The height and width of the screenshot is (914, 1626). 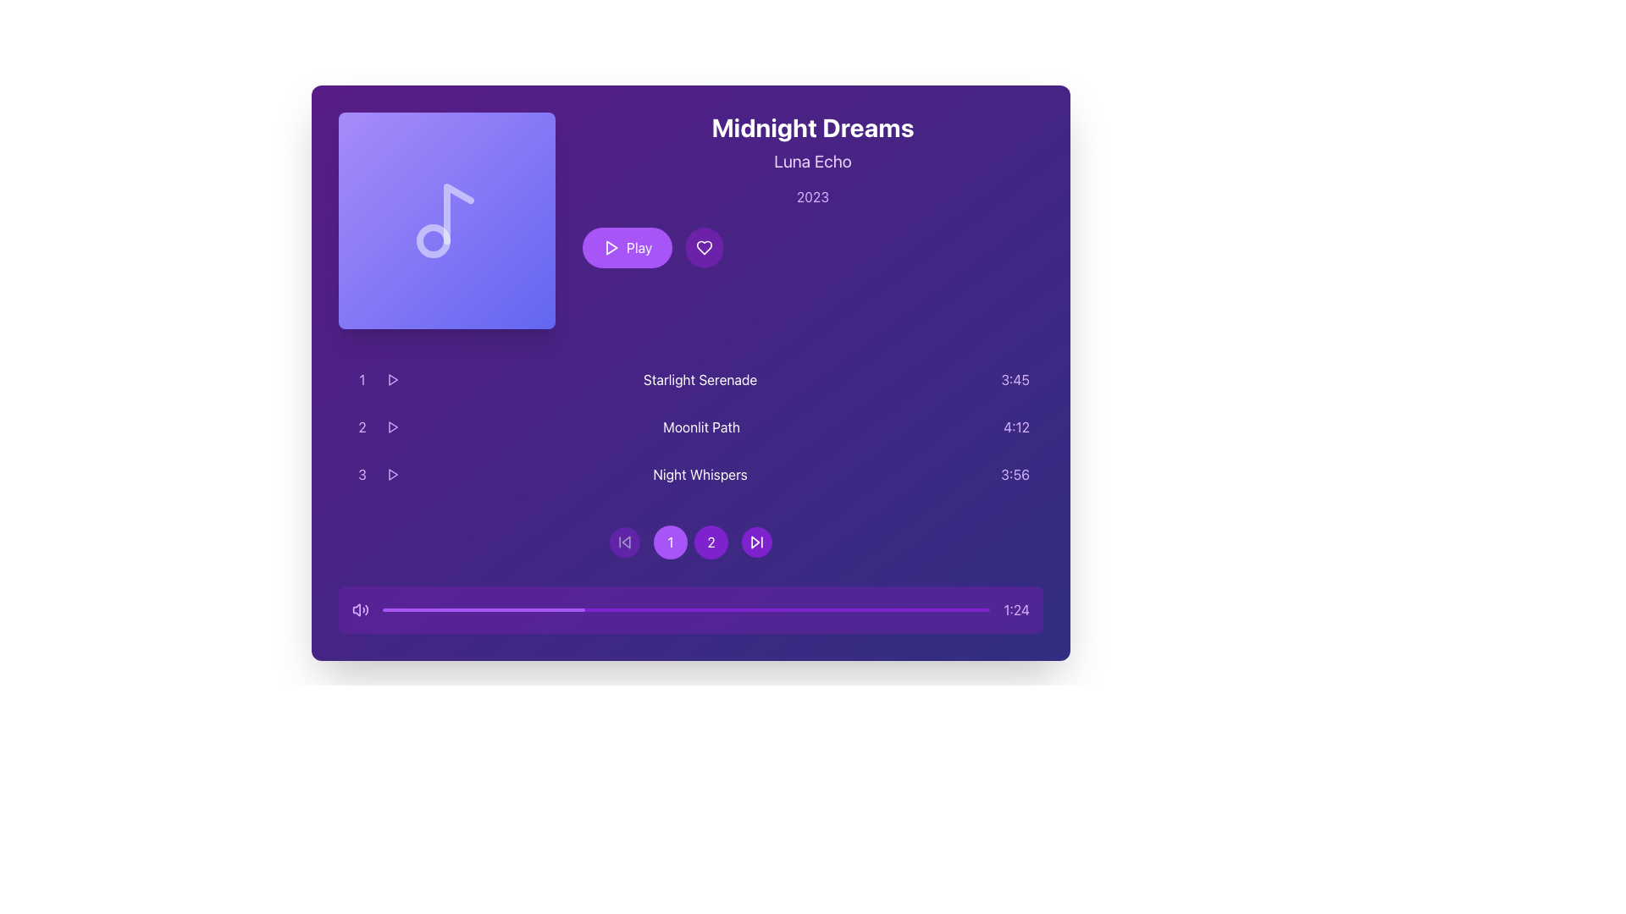 What do you see at coordinates (392, 378) in the screenshot?
I see `the right-facing triangular play button located to the left of the first track title in the playlist for track number '1'` at bounding box center [392, 378].